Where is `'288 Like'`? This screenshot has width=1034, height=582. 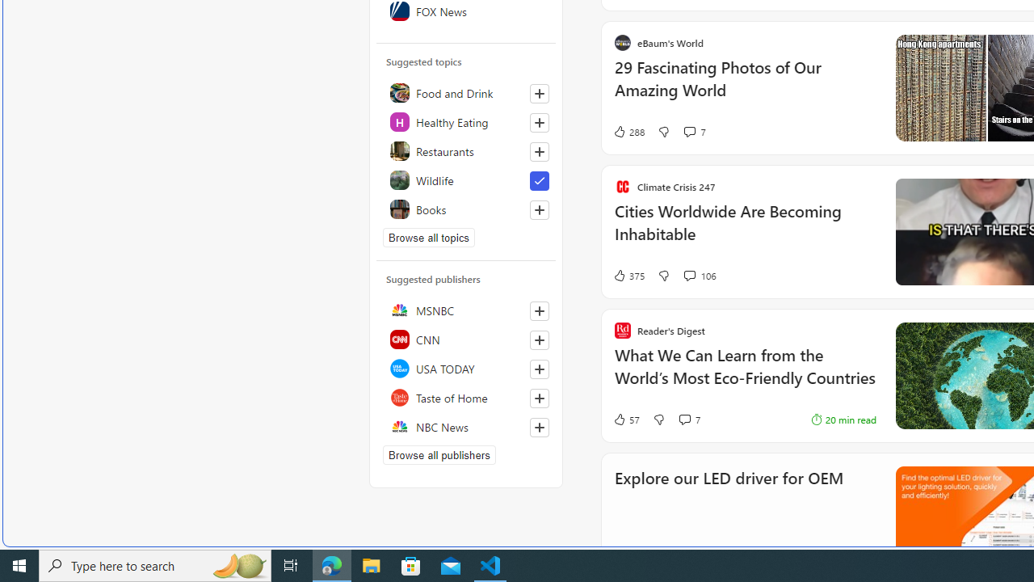
'288 Like' is located at coordinates (628, 131).